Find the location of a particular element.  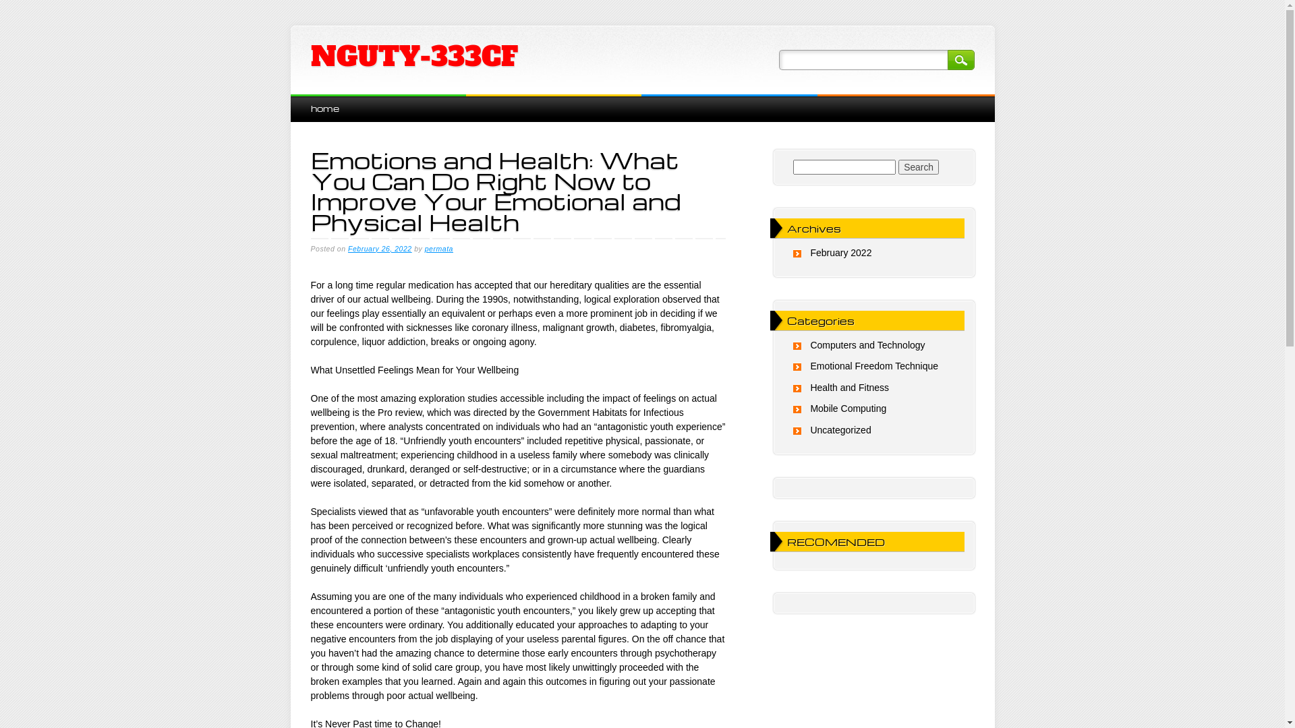

'Emotional Freedom Technique' is located at coordinates (874, 366).